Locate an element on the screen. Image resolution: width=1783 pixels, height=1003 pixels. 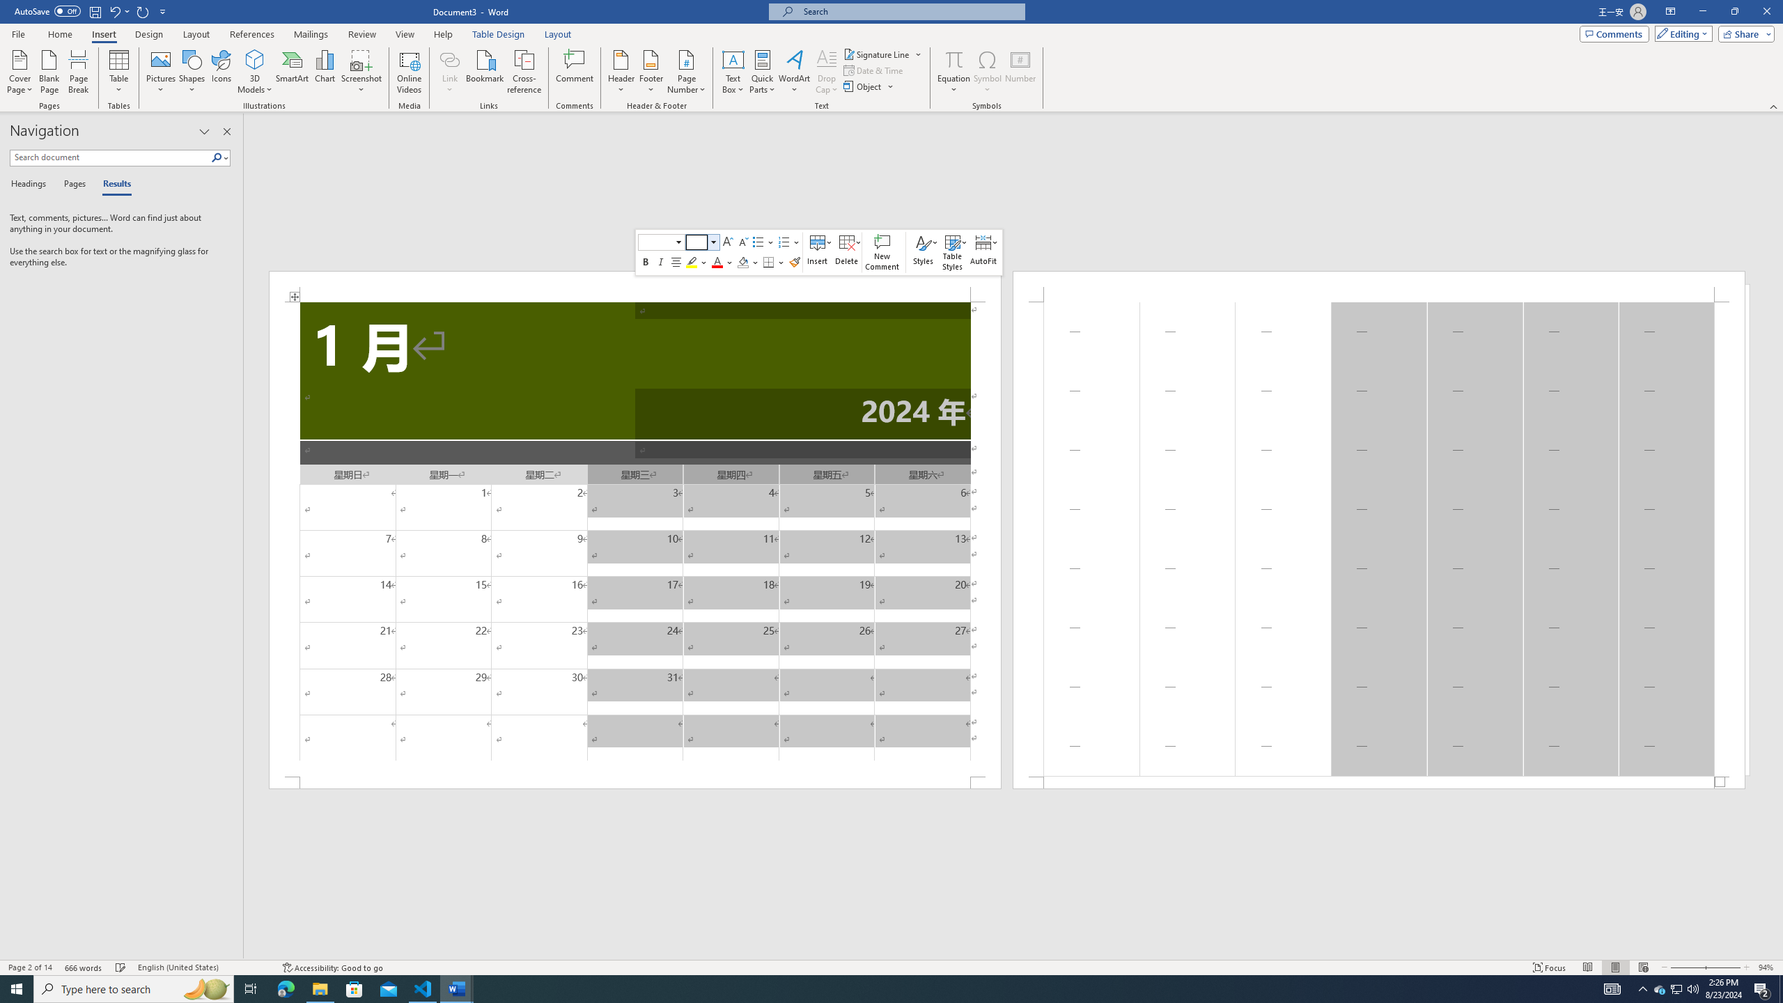
'New Comment' is located at coordinates (882, 251).